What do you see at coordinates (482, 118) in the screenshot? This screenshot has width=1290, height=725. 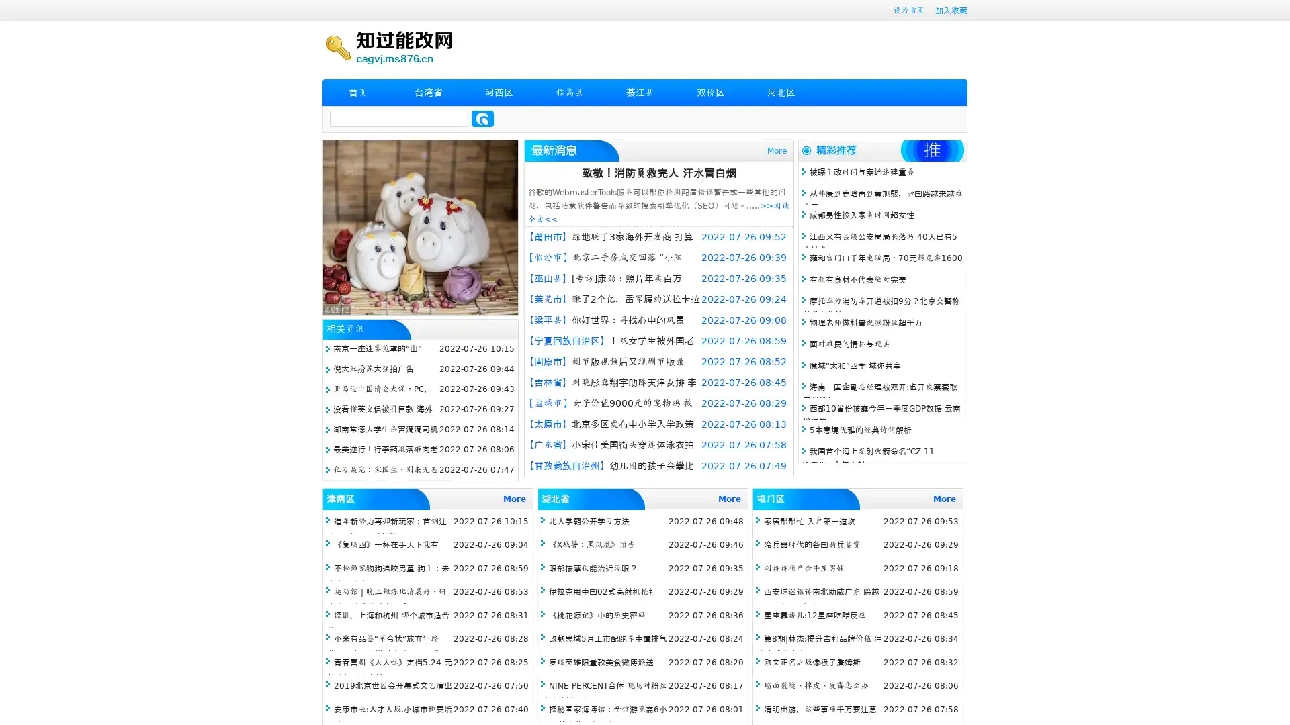 I see `Search` at bounding box center [482, 118].